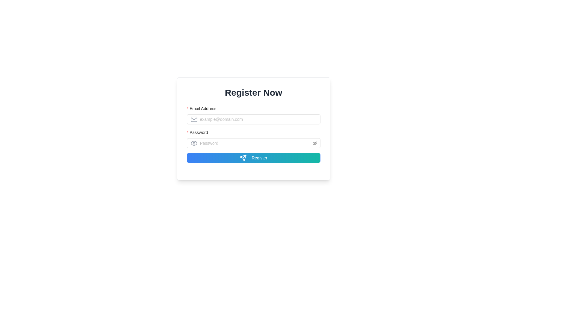 The width and height of the screenshot is (575, 323). Describe the element at coordinates (253, 133) in the screenshot. I see `the input field associated with the 'Password' label, which is styled with a header-like font` at that location.